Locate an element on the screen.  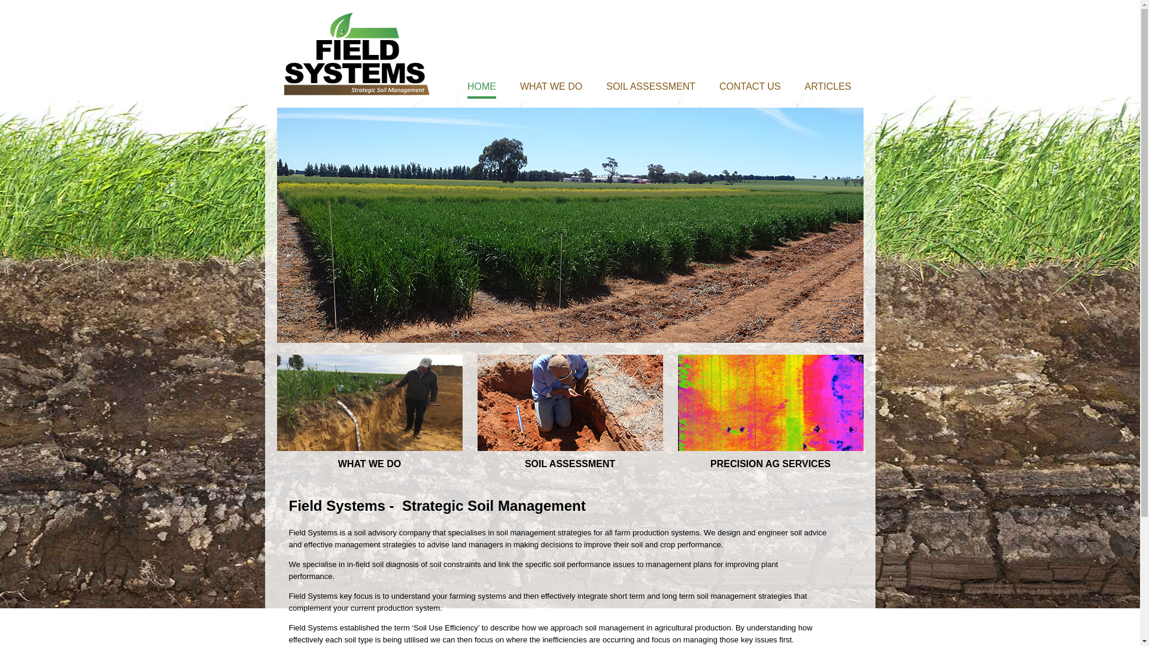
'HOME' is located at coordinates (482, 85).